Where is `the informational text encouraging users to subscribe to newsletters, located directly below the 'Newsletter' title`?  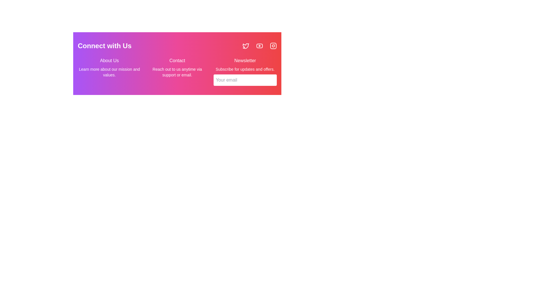 the informational text encouraging users to subscribe to newsletters, located directly below the 'Newsletter' title is located at coordinates (245, 69).